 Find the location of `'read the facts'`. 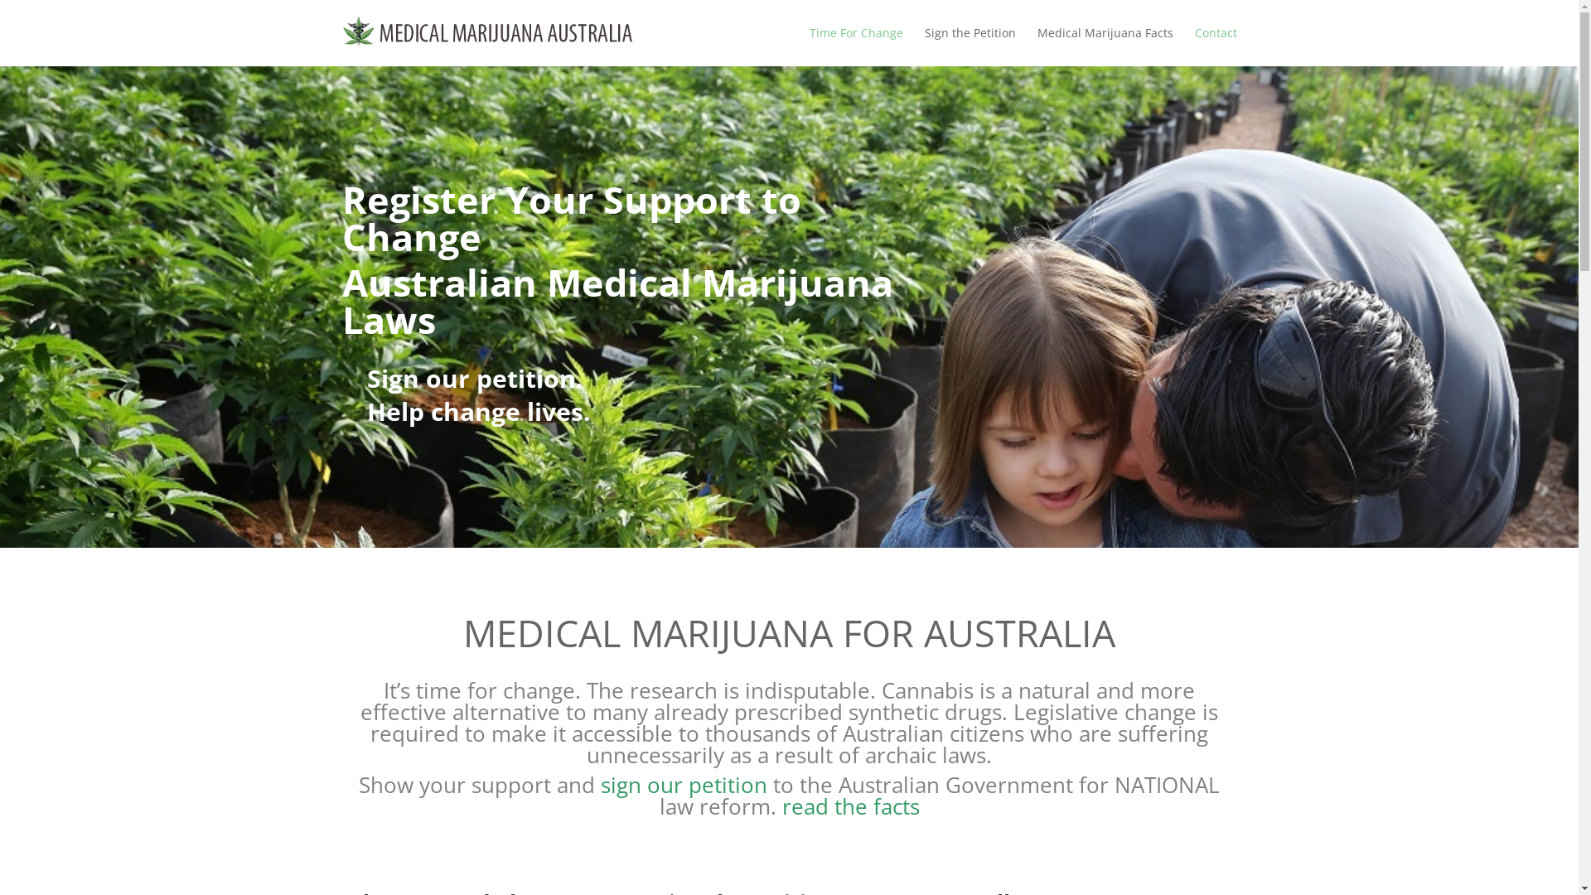

'read the facts' is located at coordinates (851, 805).